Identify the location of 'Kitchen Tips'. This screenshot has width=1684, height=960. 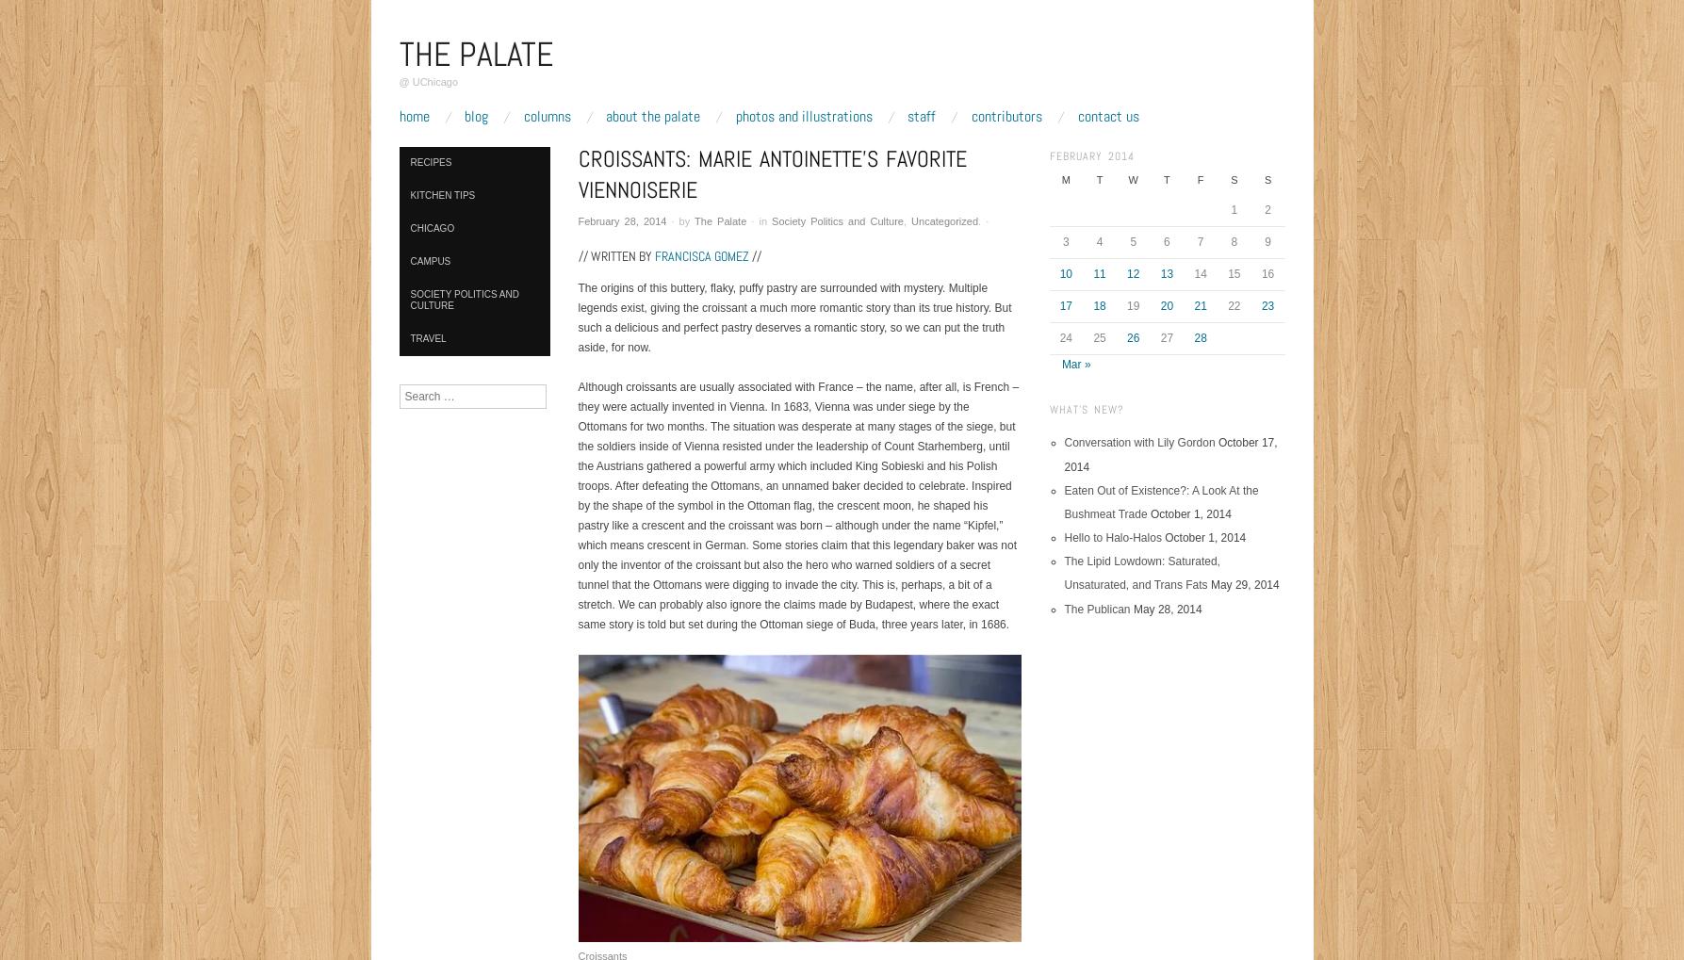
(442, 193).